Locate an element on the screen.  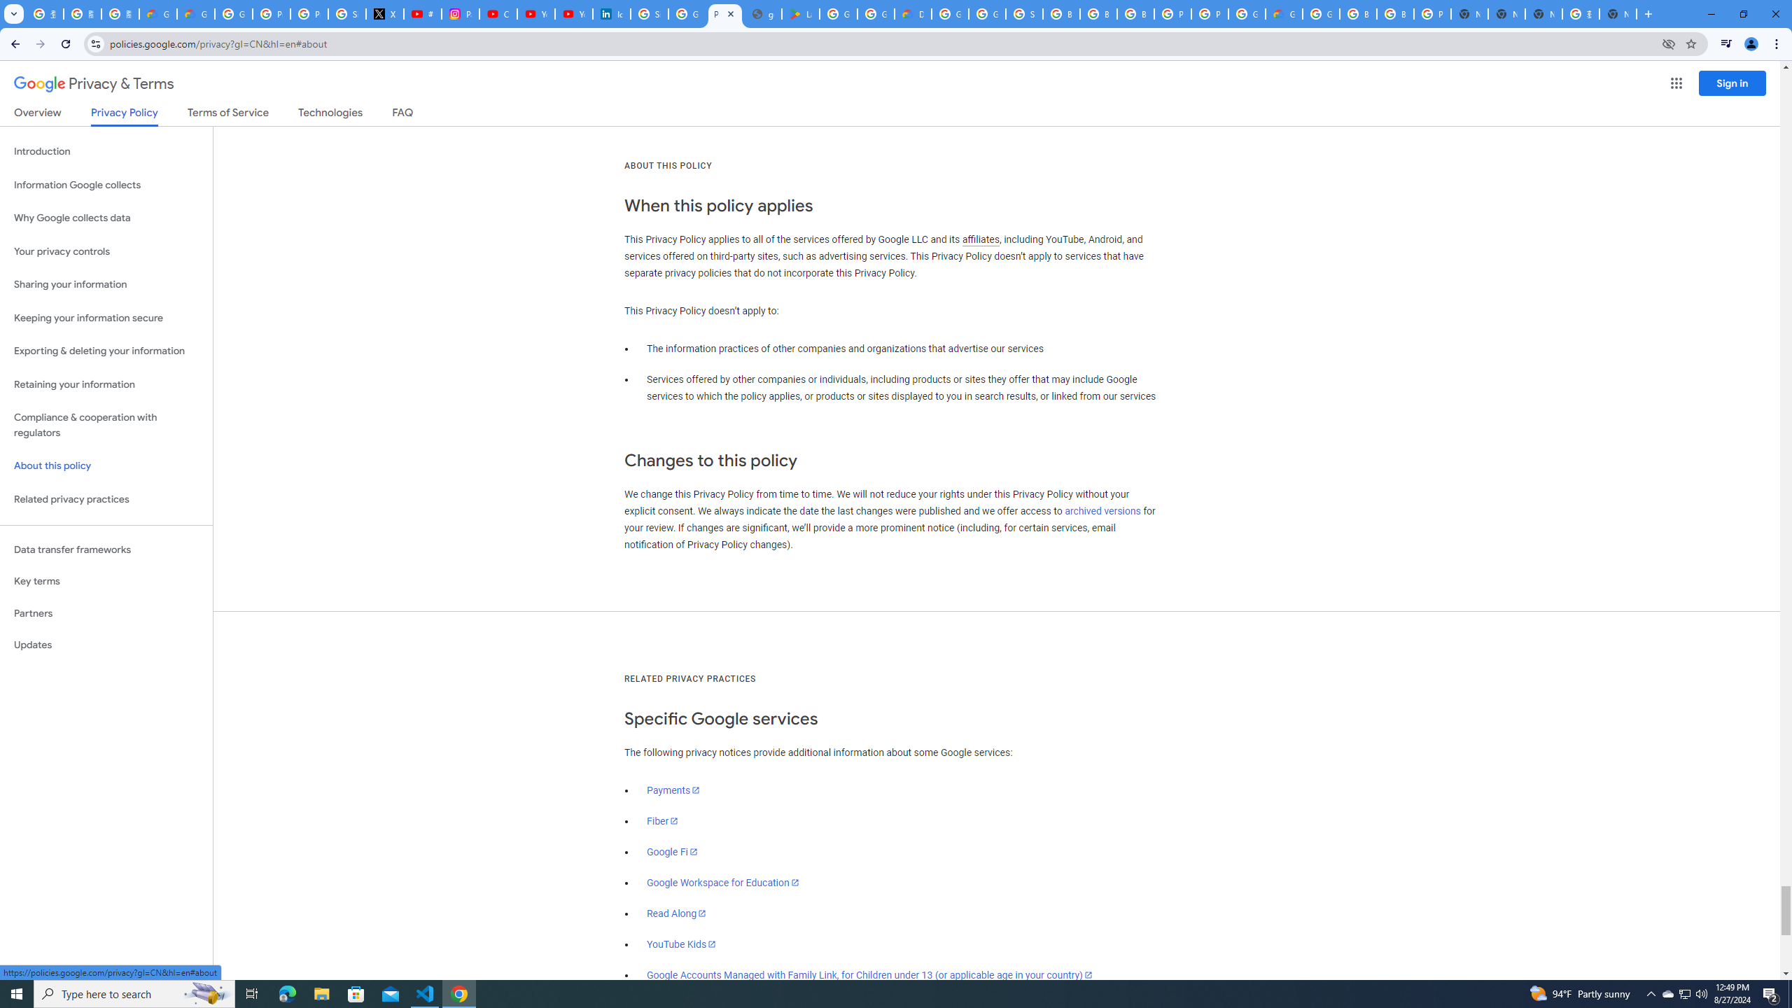
'archived versions' is located at coordinates (1102, 510).